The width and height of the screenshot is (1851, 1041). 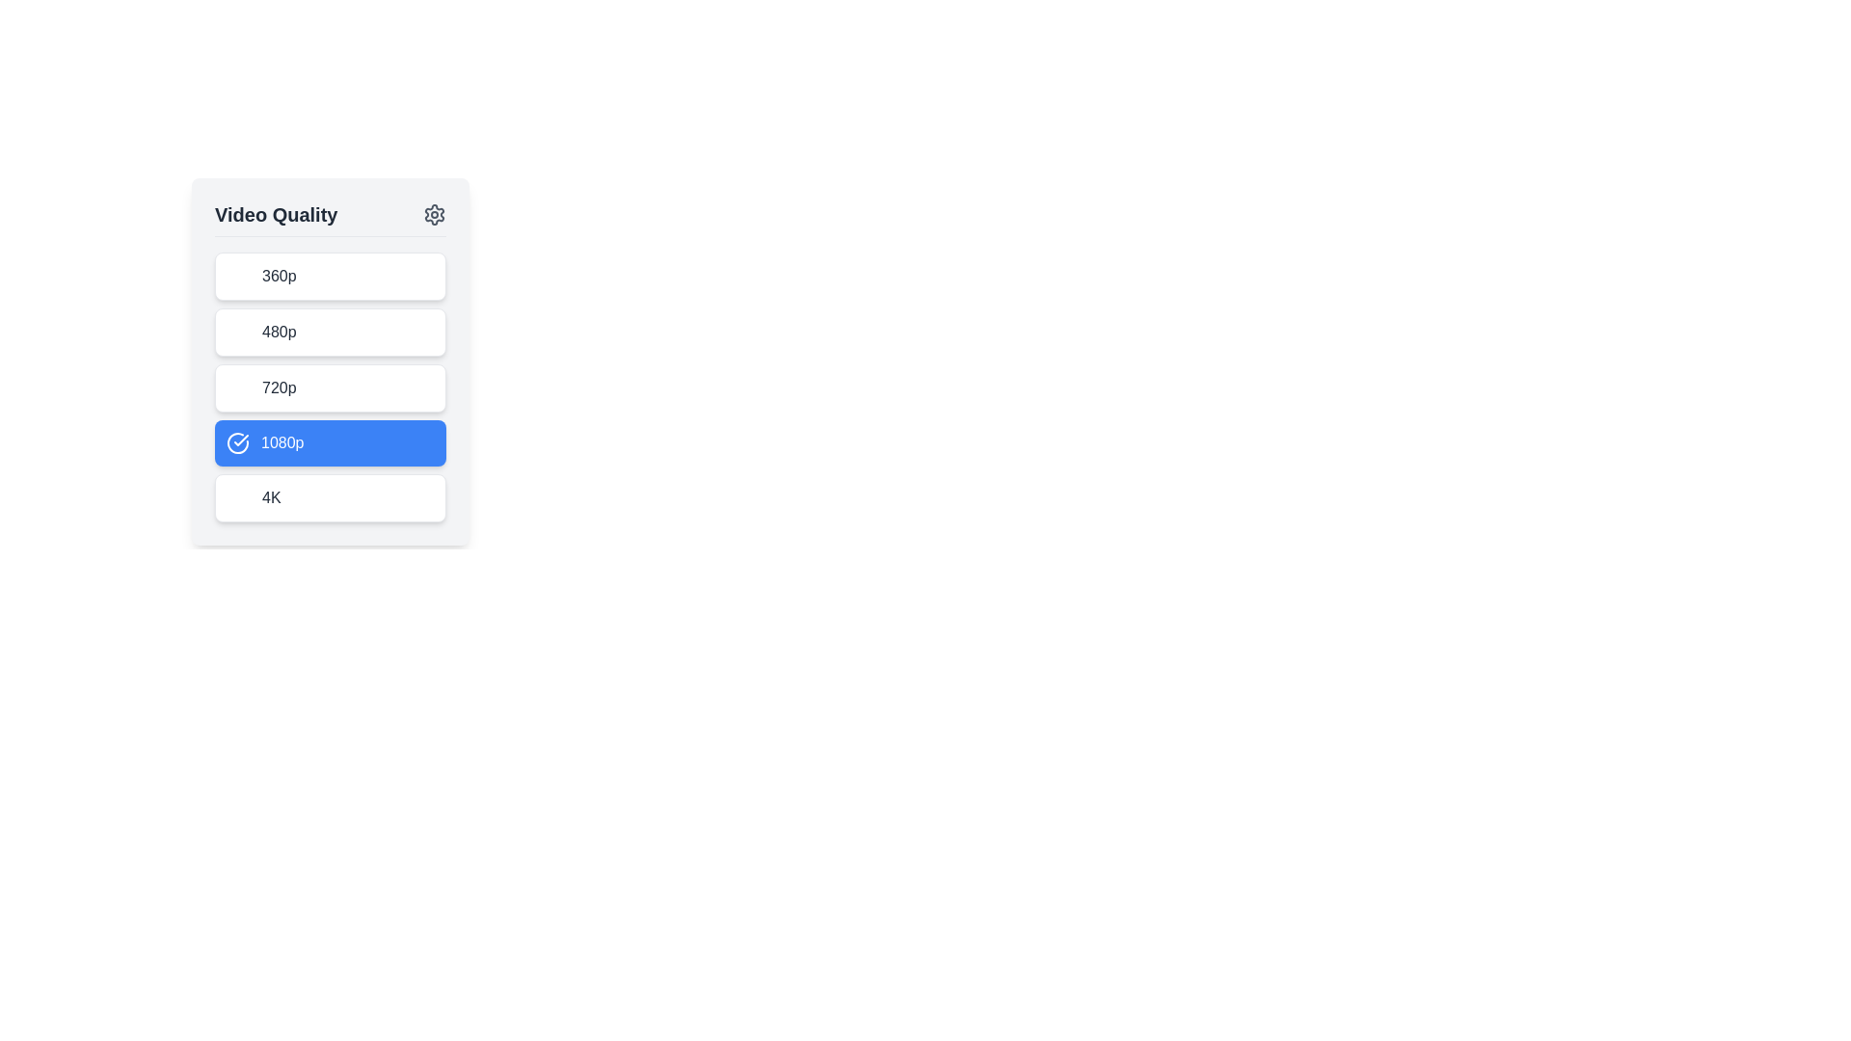 What do you see at coordinates (236, 442) in the screenshot?
I see `the '1080p' video quality option in the 'Video Quality' selection menu, which is the fourth item in the list` at bounding box center [236, 442].